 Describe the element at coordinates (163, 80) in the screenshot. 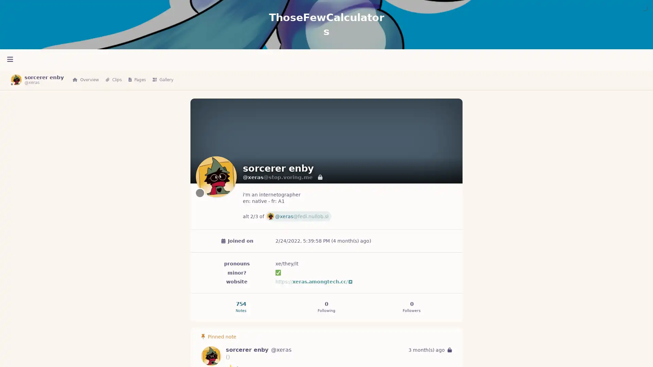

I see `Gallery` at that location.